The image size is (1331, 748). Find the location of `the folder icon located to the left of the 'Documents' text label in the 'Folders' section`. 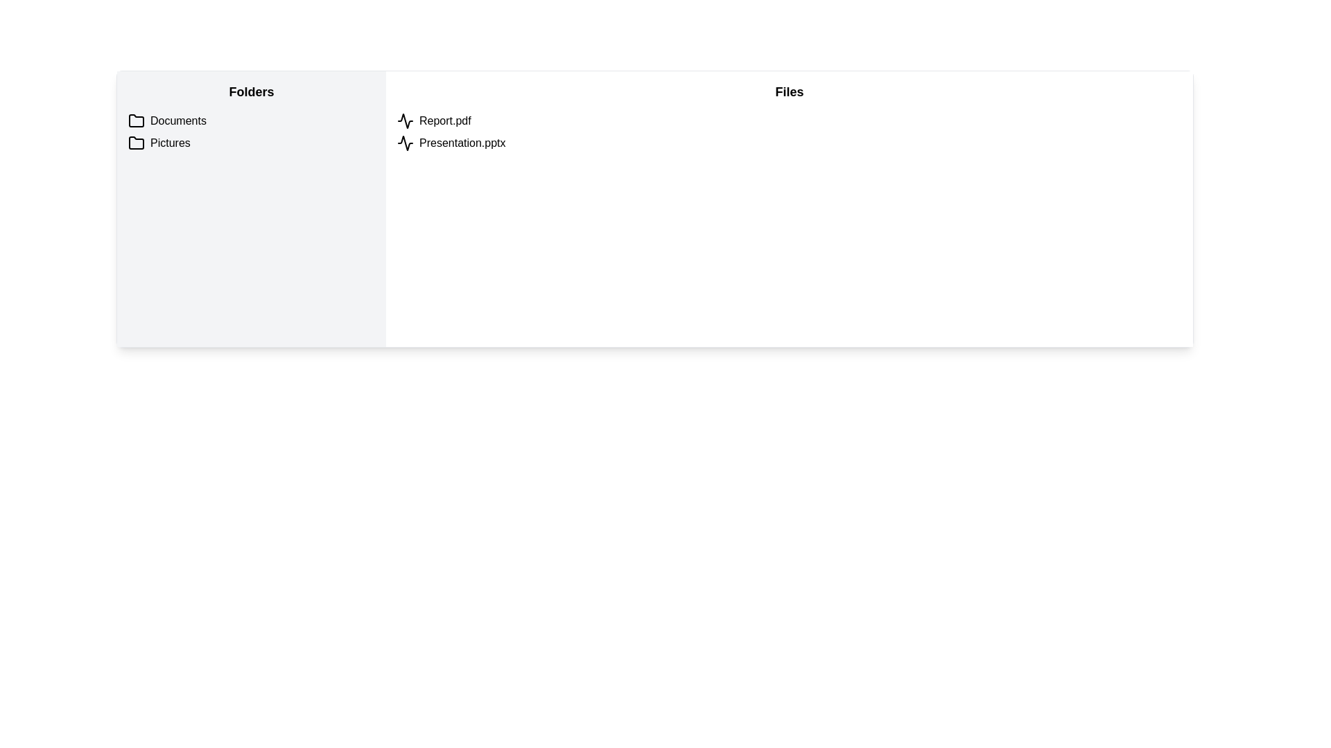

the folder icon located to the left of the 'Documents' text label in the 'Folders' section is located at coordinates (136, 120).